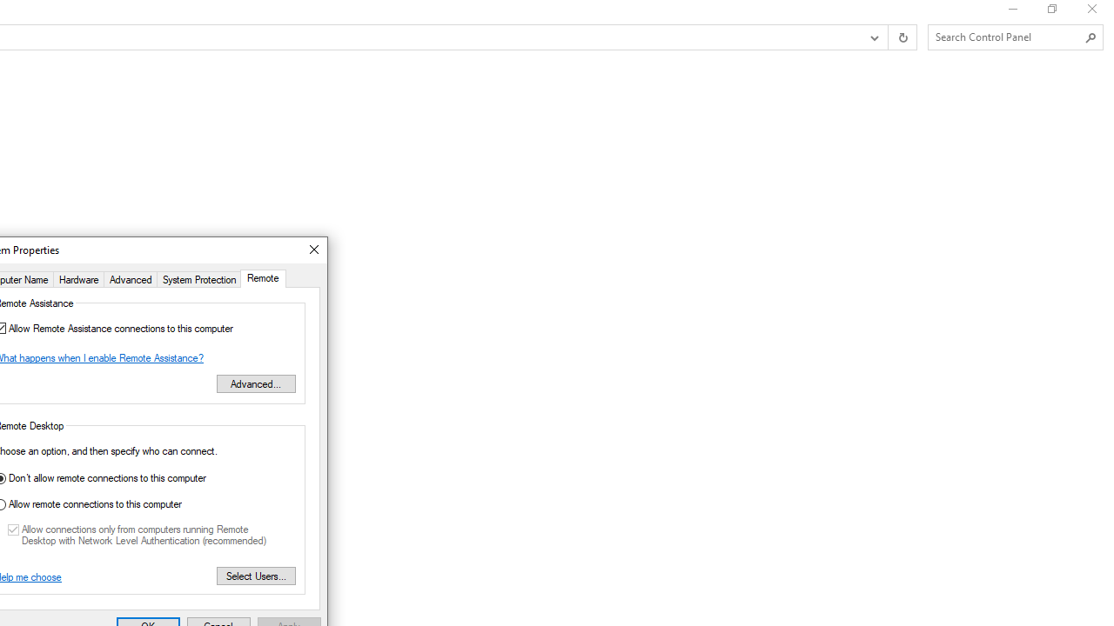 The image size is (1114, 626). Describe the element at coordinates (262, 277) in the screenshot. I see `'Remote'` at that location.